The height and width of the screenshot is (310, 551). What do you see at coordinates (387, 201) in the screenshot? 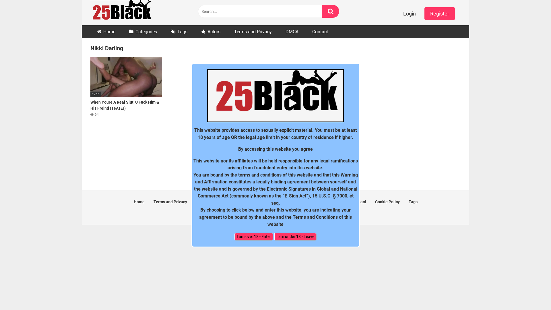
I see `'Cookie Policy'` at bounding box center [387, 201].